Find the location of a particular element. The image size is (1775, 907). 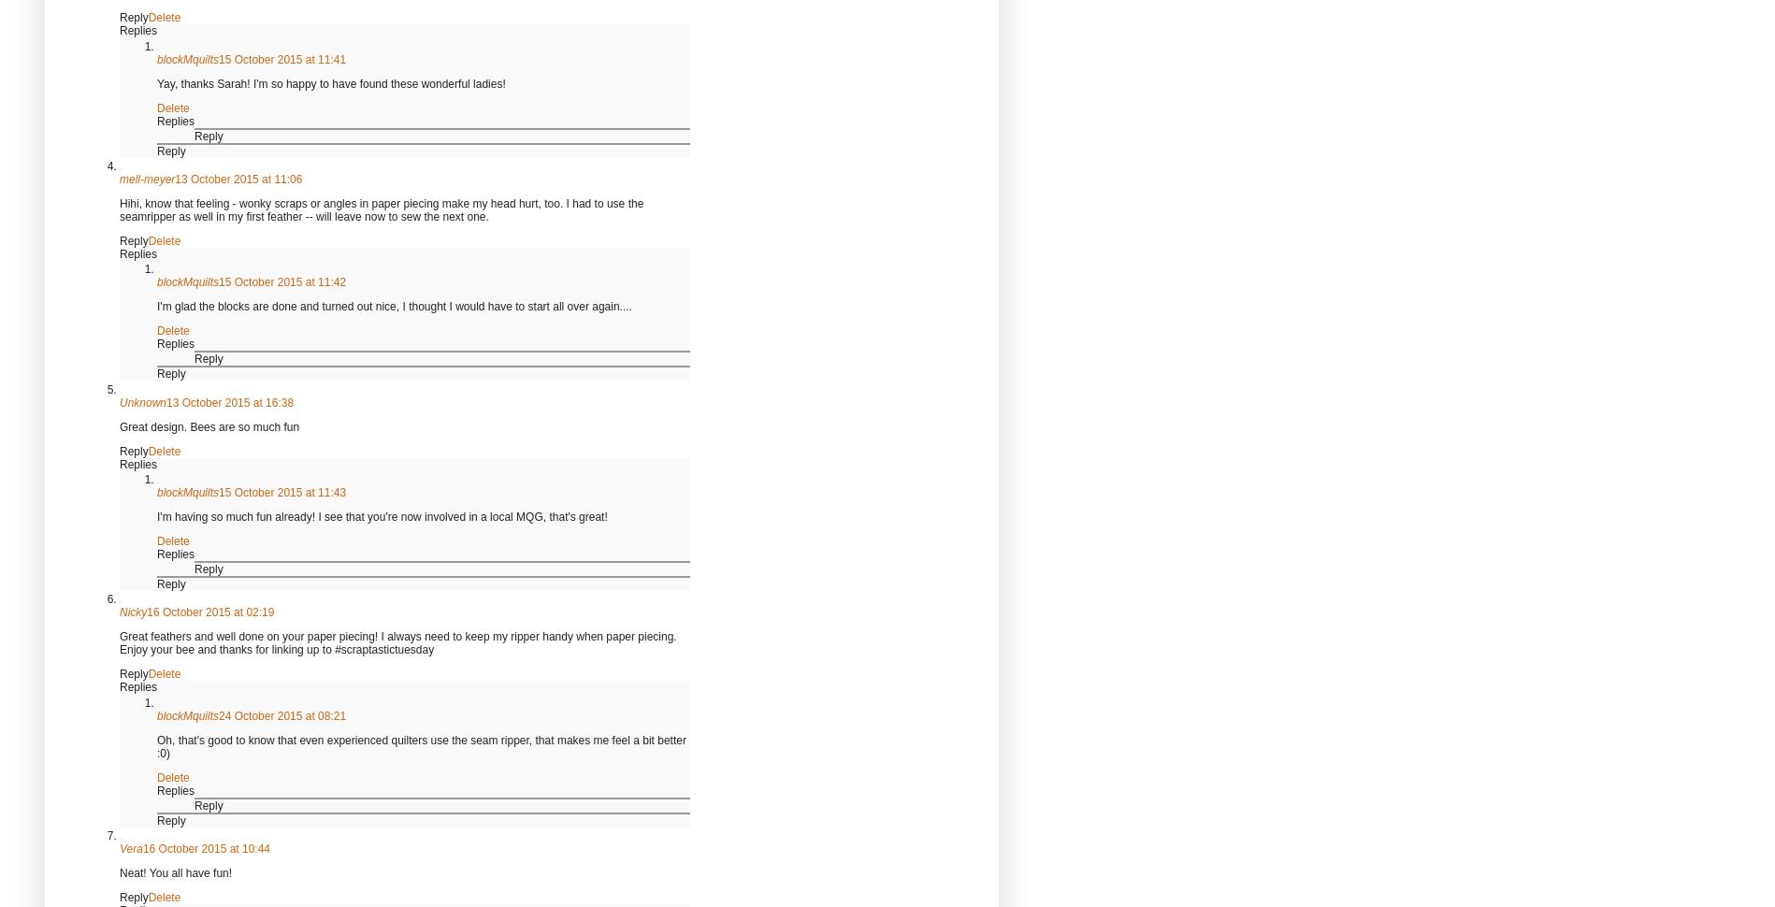

'16 October 2015 at 02:19' is located at coordinates (209, 612).